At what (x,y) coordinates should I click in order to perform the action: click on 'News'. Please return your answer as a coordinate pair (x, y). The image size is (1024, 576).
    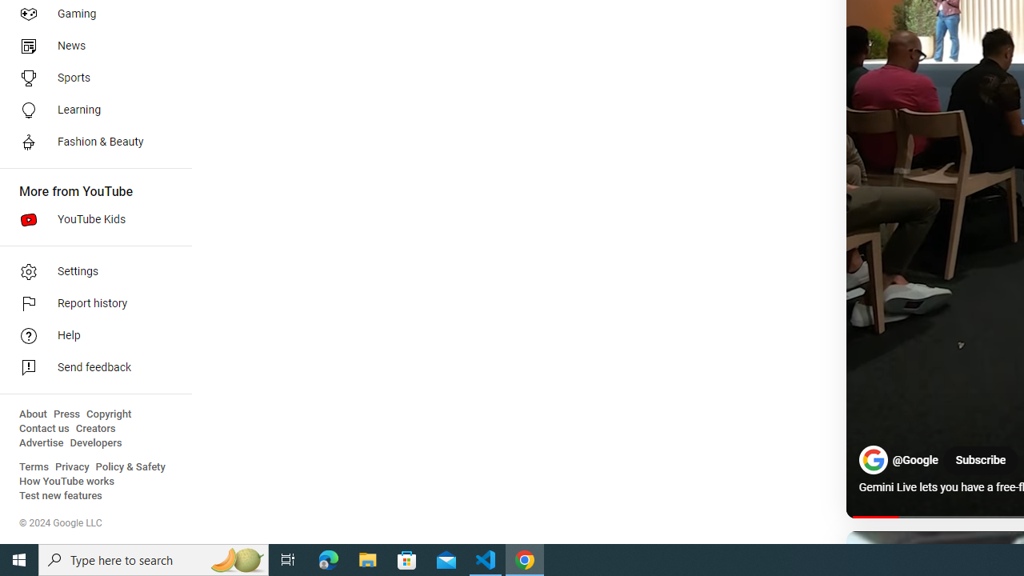
    Looking at the image, I should click on (90, 45).